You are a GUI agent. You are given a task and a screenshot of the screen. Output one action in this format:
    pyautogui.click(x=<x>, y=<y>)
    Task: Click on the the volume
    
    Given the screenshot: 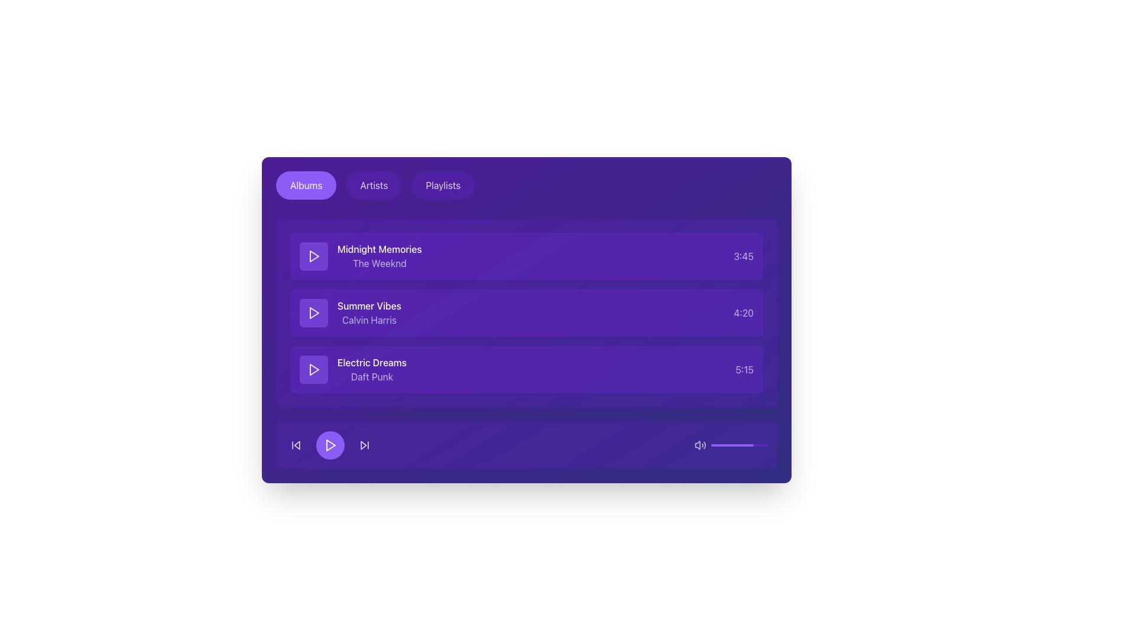 What is the action you would take?
    pyautogui.click(x=742, y=445)
    